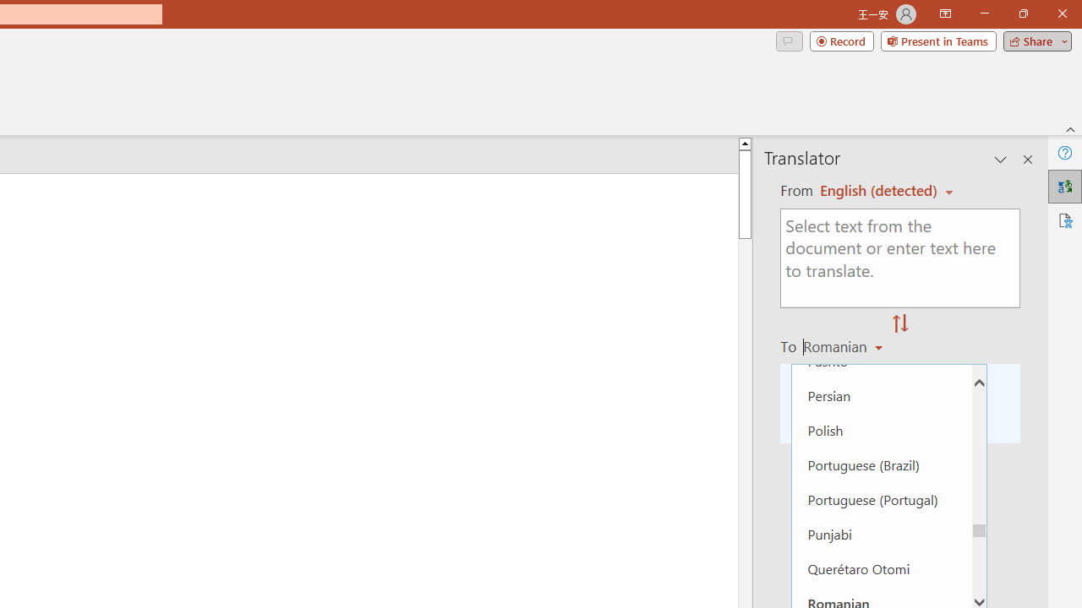 This screenshot has height=608, width=1082. Describe the element at coordinates (881, 360) in the screenshot. I see `'Pashto'` at that location.